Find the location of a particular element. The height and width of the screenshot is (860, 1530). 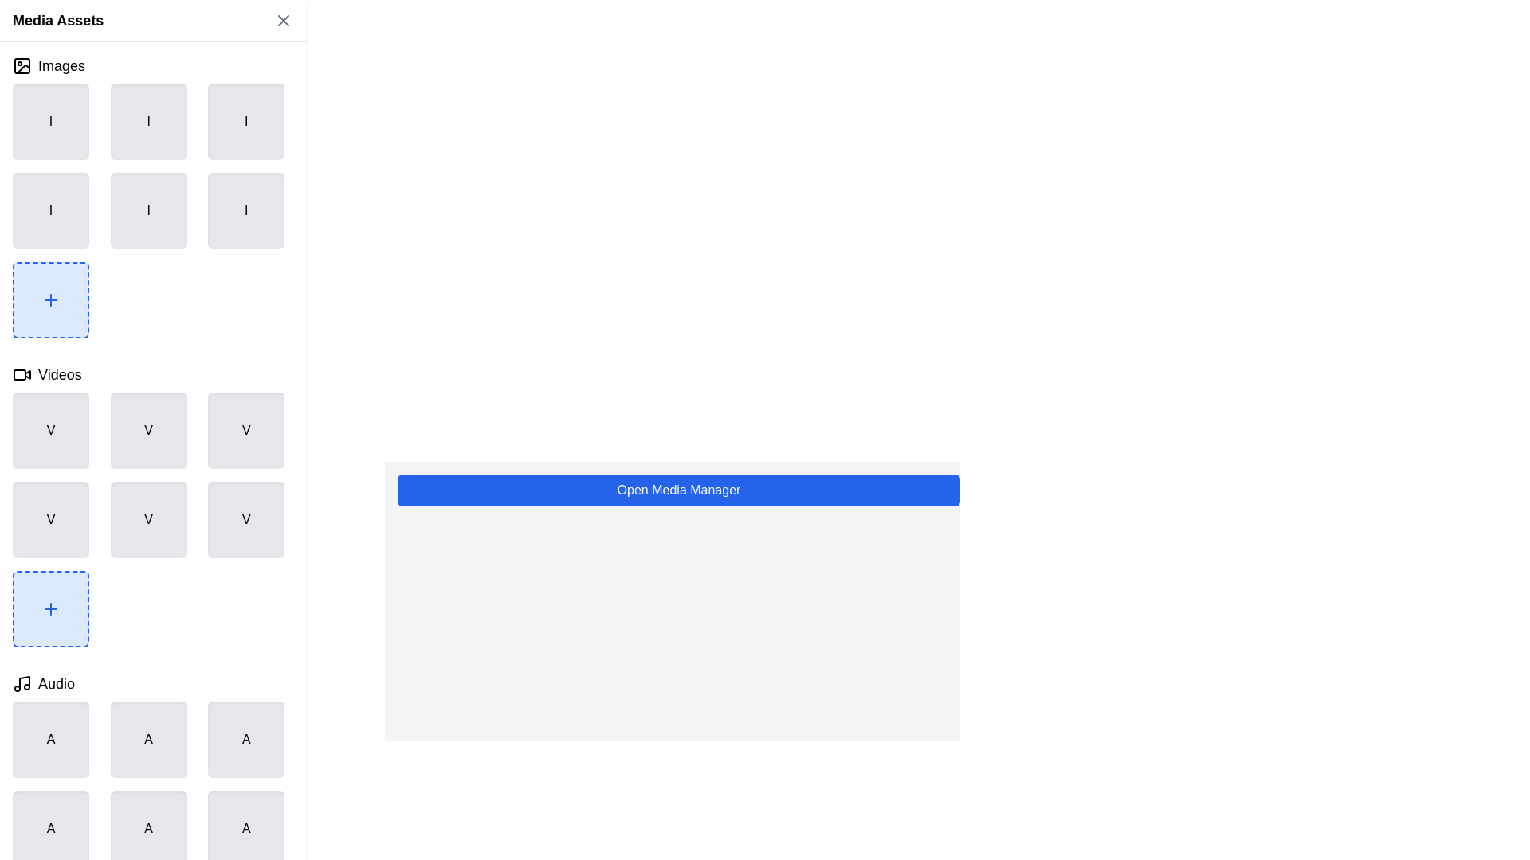

the navigation button located at the top-left section of the 'Media Assets' panel is located at coordinates (49, 65).